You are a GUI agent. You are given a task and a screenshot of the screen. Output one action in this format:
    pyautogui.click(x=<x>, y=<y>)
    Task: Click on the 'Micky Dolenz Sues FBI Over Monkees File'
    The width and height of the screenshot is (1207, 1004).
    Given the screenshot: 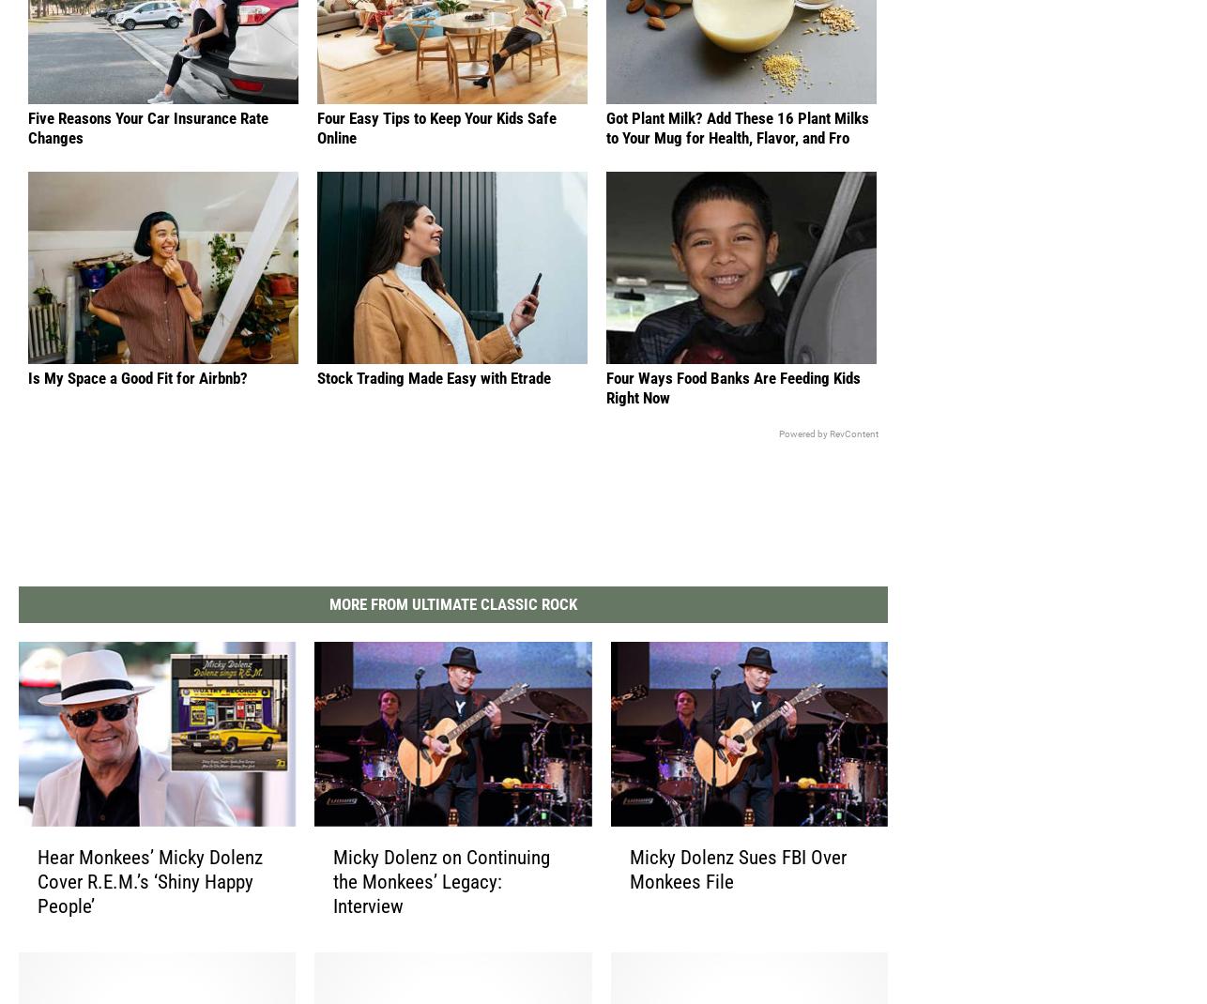 What is the action you would take?
    pyautogui.click(x=737, y=884)
    